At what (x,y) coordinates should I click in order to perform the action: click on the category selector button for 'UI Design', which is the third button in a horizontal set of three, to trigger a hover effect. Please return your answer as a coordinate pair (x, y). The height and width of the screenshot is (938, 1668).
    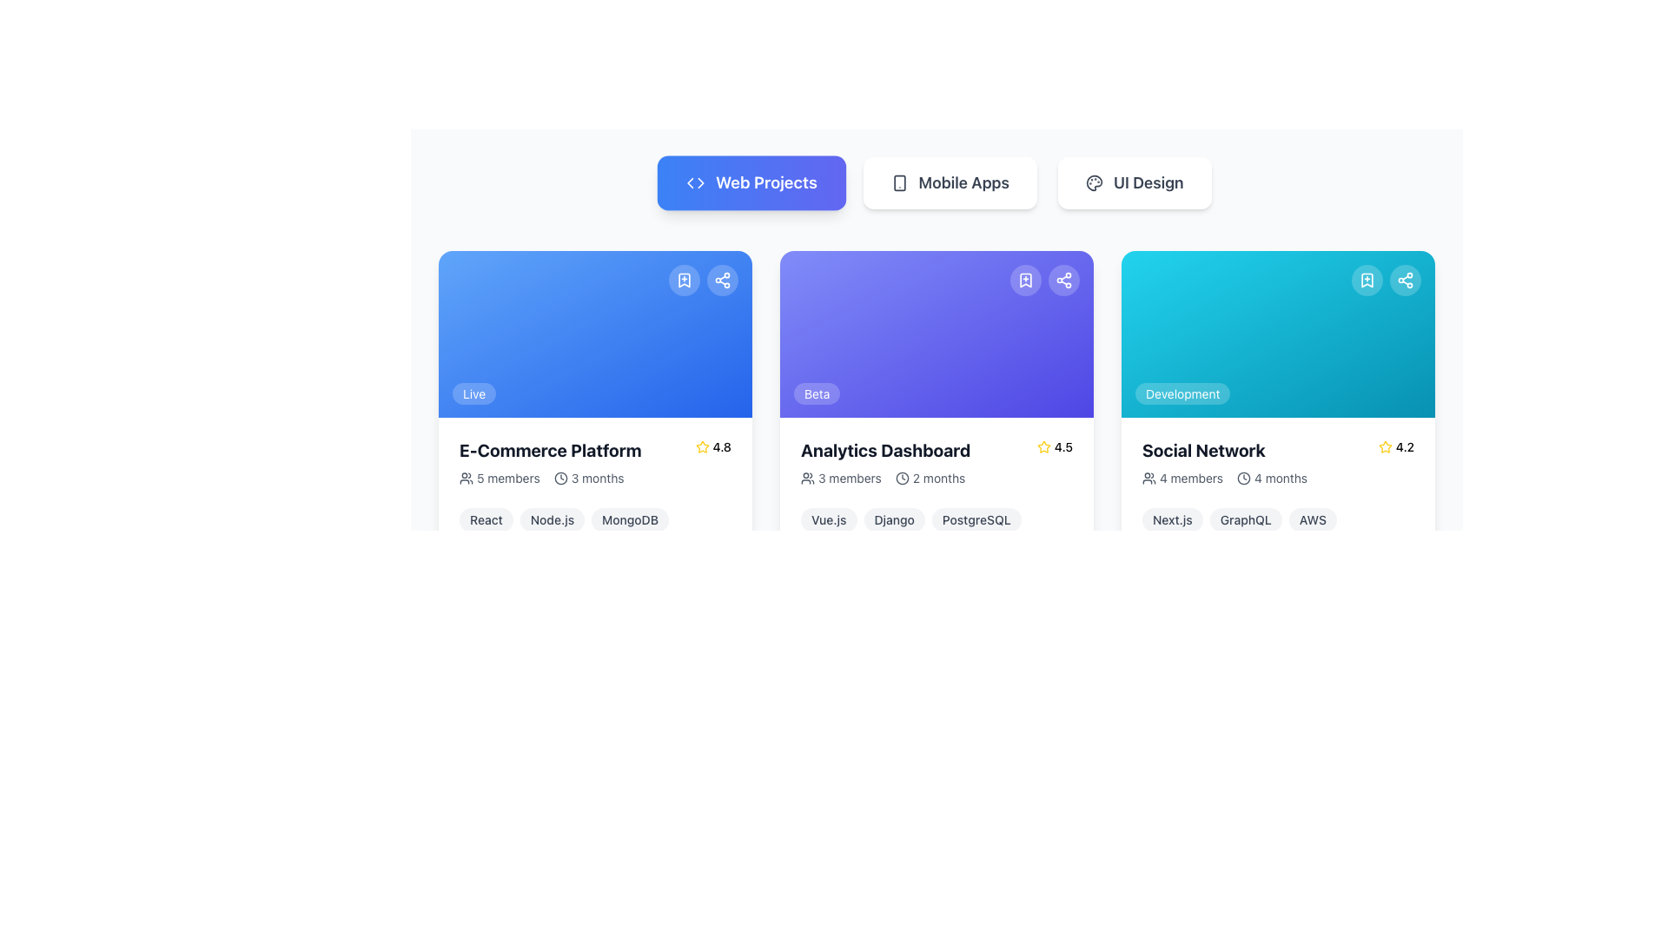
    Looking at the image, I should click on (1135, 183).